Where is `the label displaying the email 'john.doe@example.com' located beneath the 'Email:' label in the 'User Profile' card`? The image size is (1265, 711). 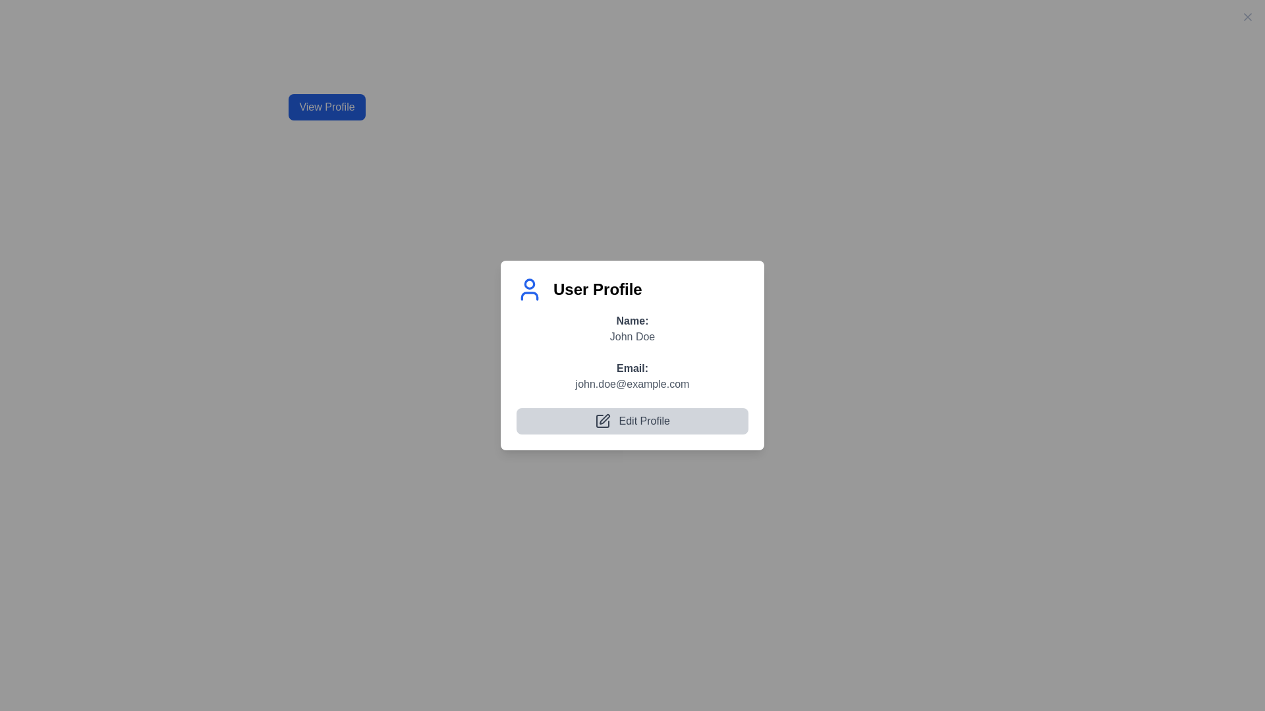
the label displaying the email 'john.doe@example.com' located beneath the 'Email:' label in the 'User Profile' card is located at coordinates (632, 383).